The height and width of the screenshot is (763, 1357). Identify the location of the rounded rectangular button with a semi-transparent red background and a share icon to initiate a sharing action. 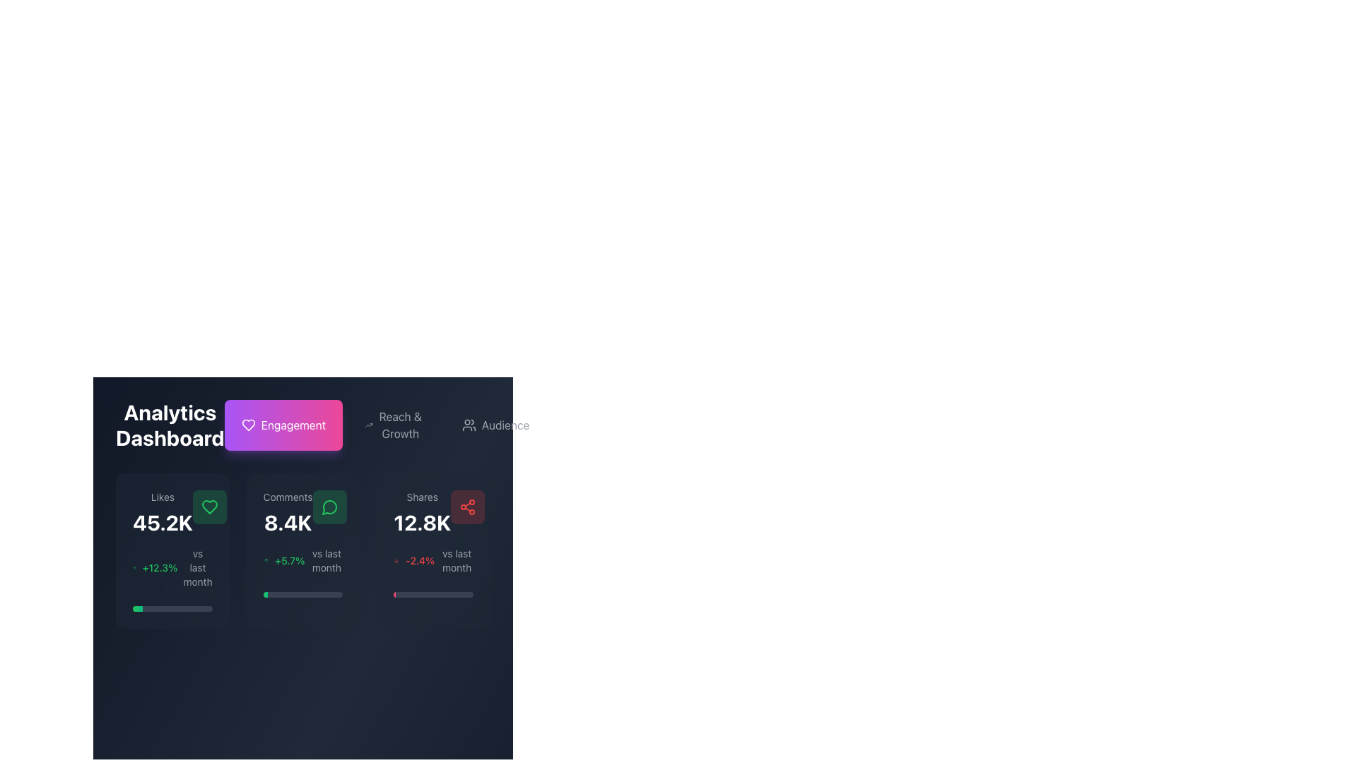
(468, 506).